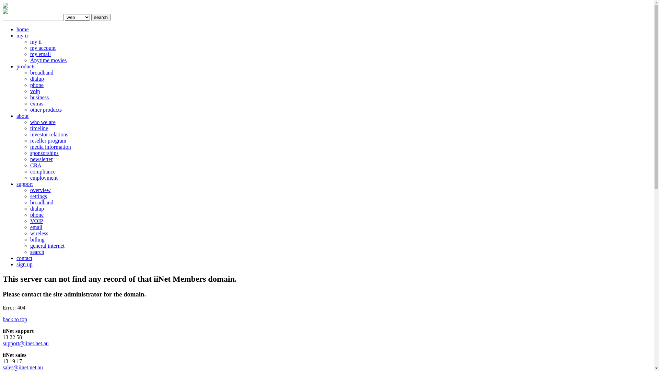 This screenshot has width=659, height=371. I want to click on 'employment', so click(44, 177).